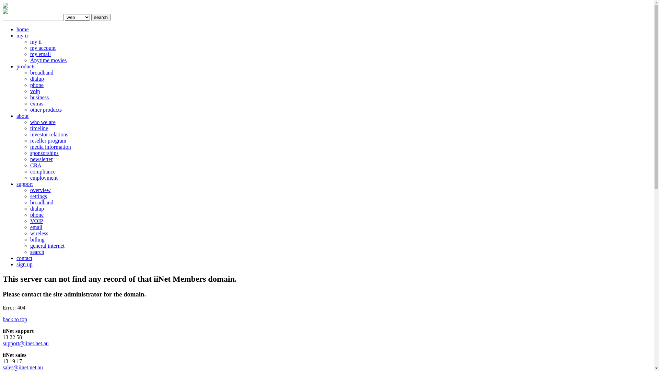 This screenshot has width=659, height=371. I want to click on 'employment', so click(44, 177).